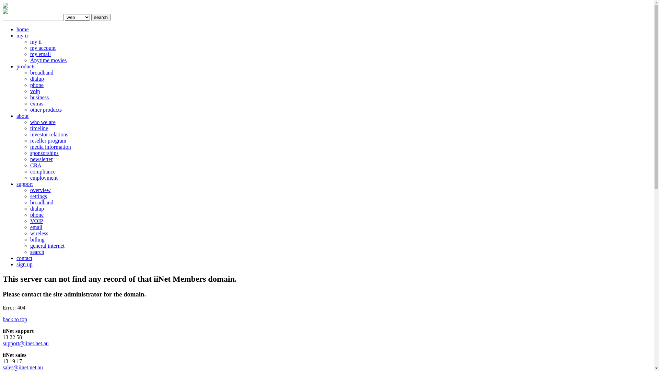 This screenshot has width=659, height=371. I want to click on 'employment', so click(44, 177).